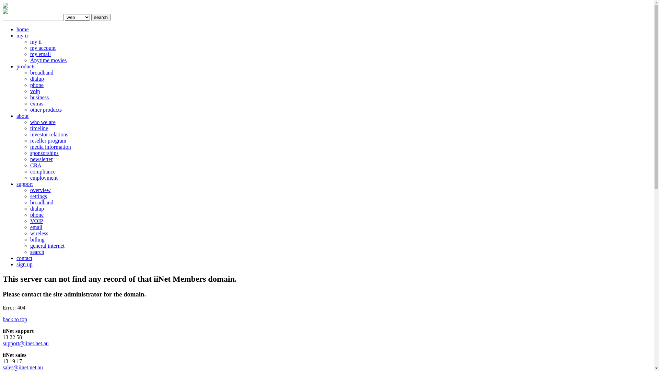 This screenshot has width=659, height=371. I want to click on 'employment', so click(44, 177).